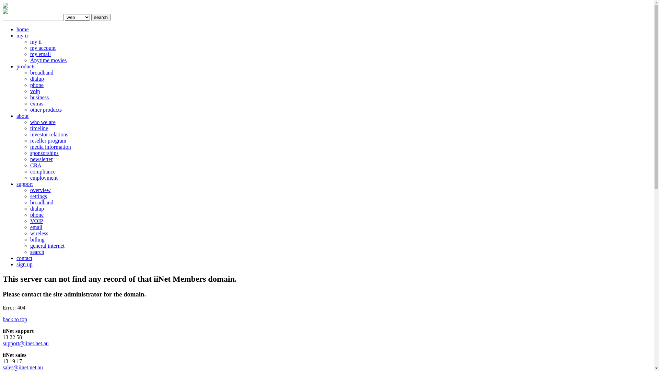 This screenshot has width=659, height=371. I want to click on 'employment', so click(44, 177).